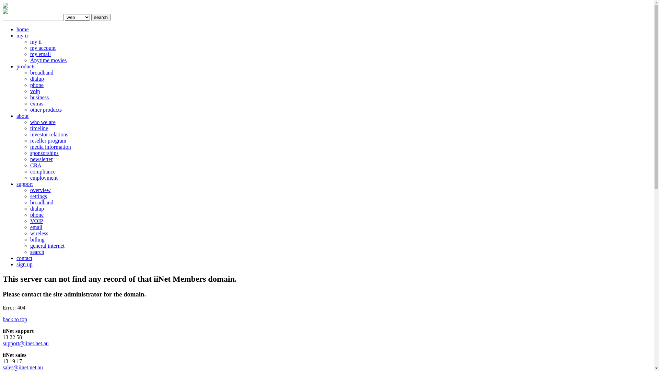 This screenshot has width=659, height=371. I want to click on 'employment', so click(44, 177).